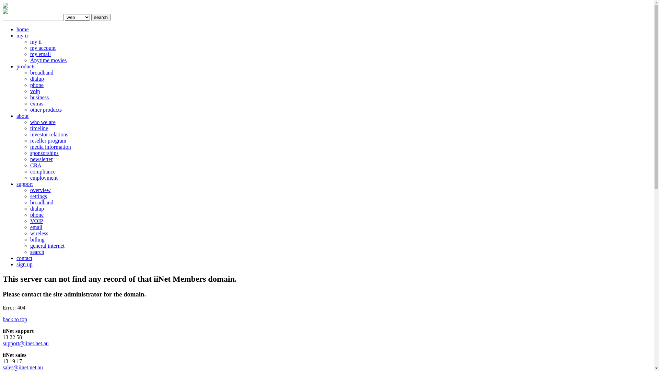 This screenshot has width=659, height=371. I want to click on 'employment', so click(44, 177).